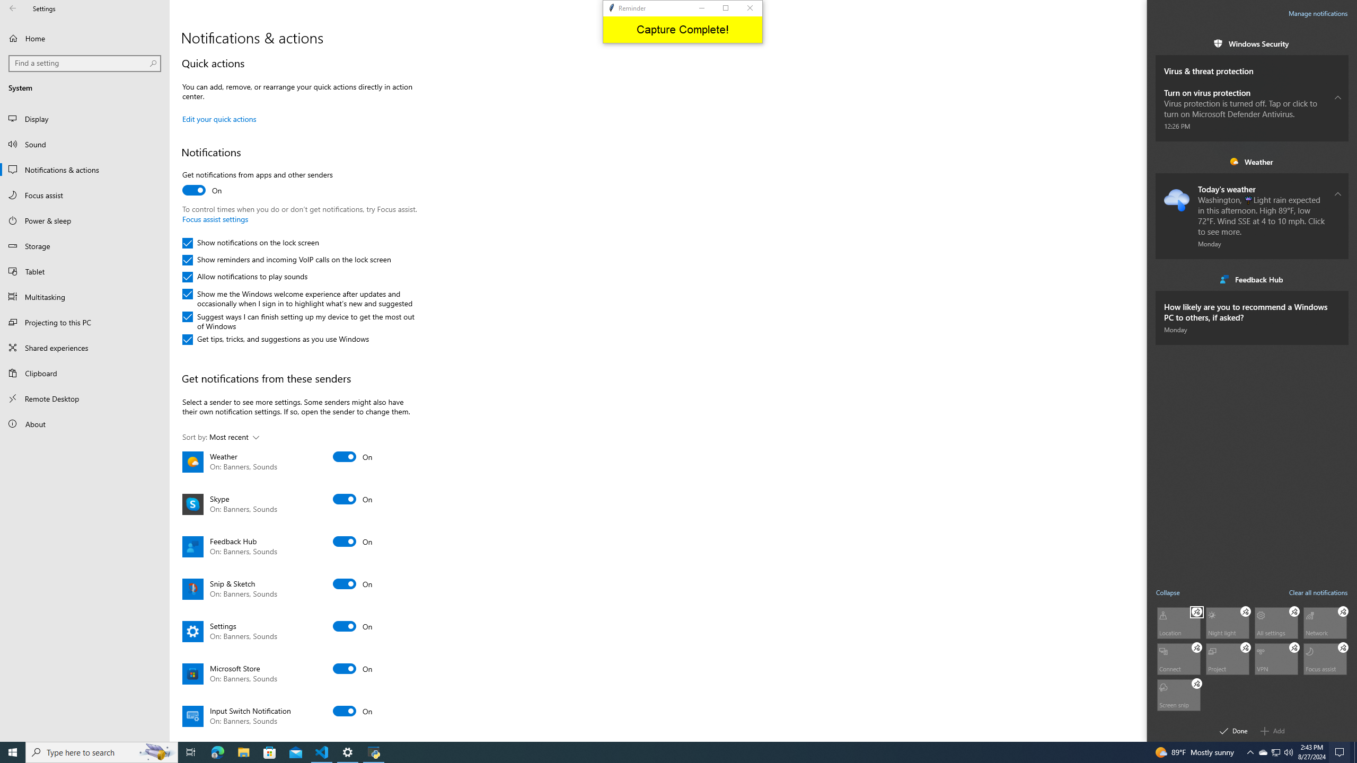  I want to click on 'Manage notifications', so click(1318, 13).